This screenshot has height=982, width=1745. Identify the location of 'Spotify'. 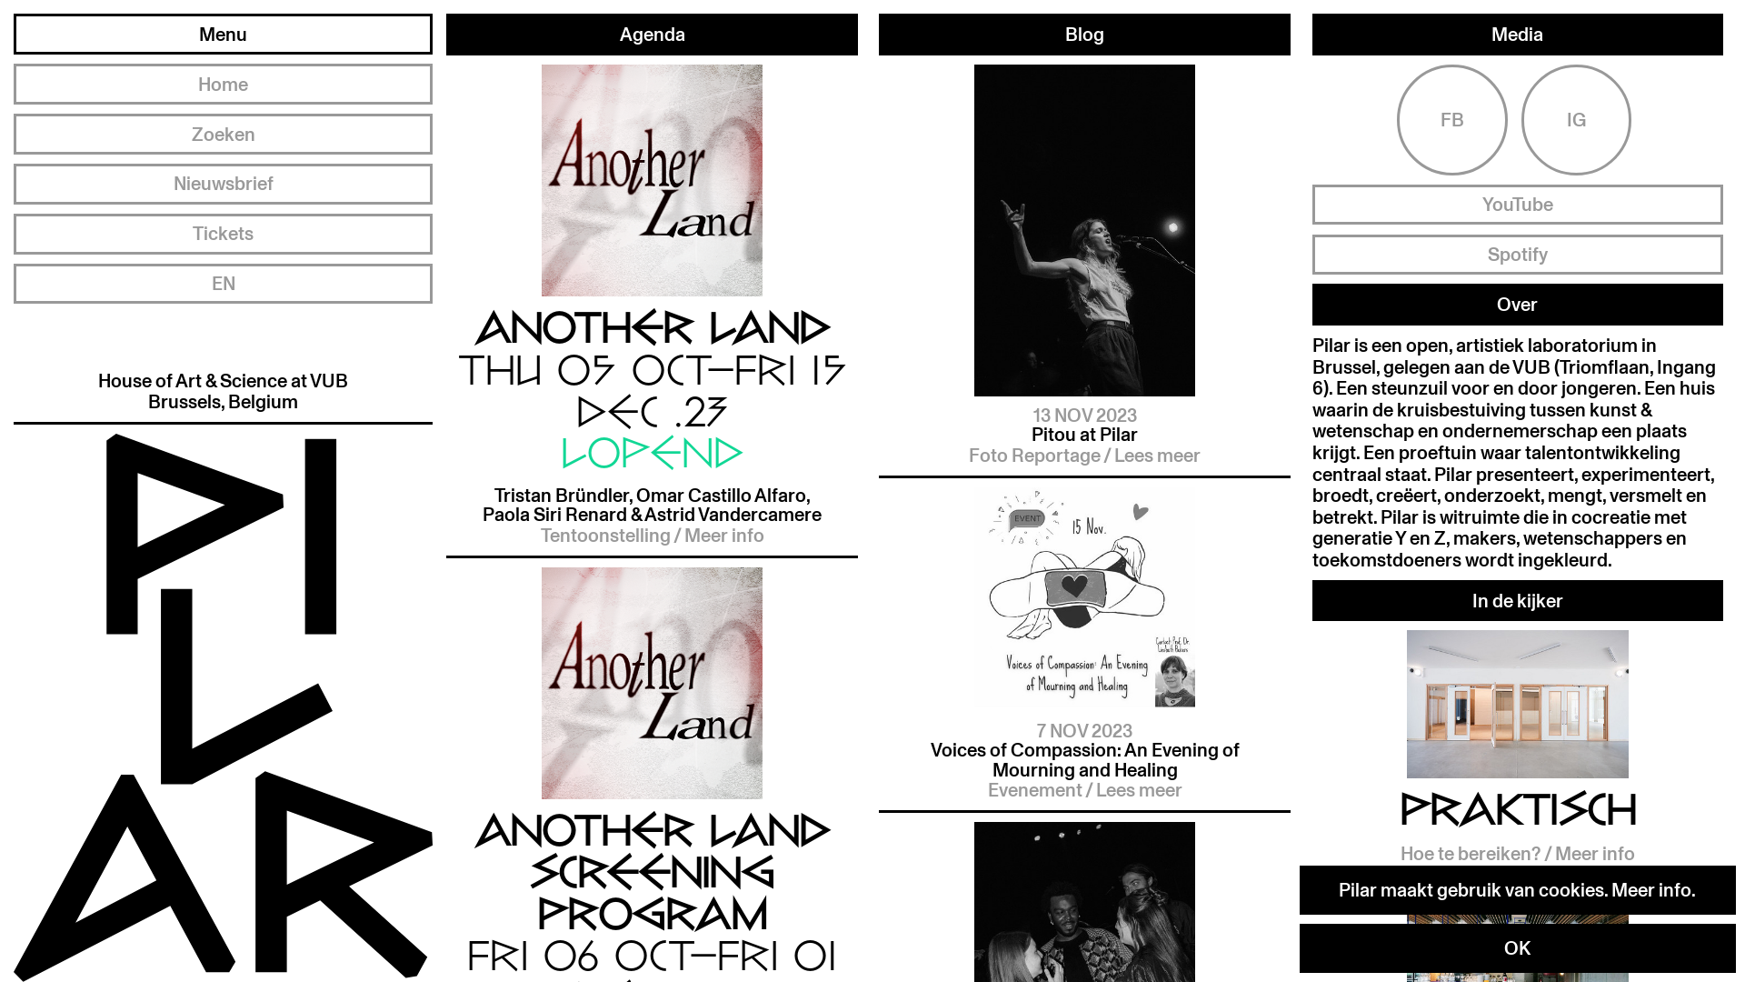
(1518, 255).